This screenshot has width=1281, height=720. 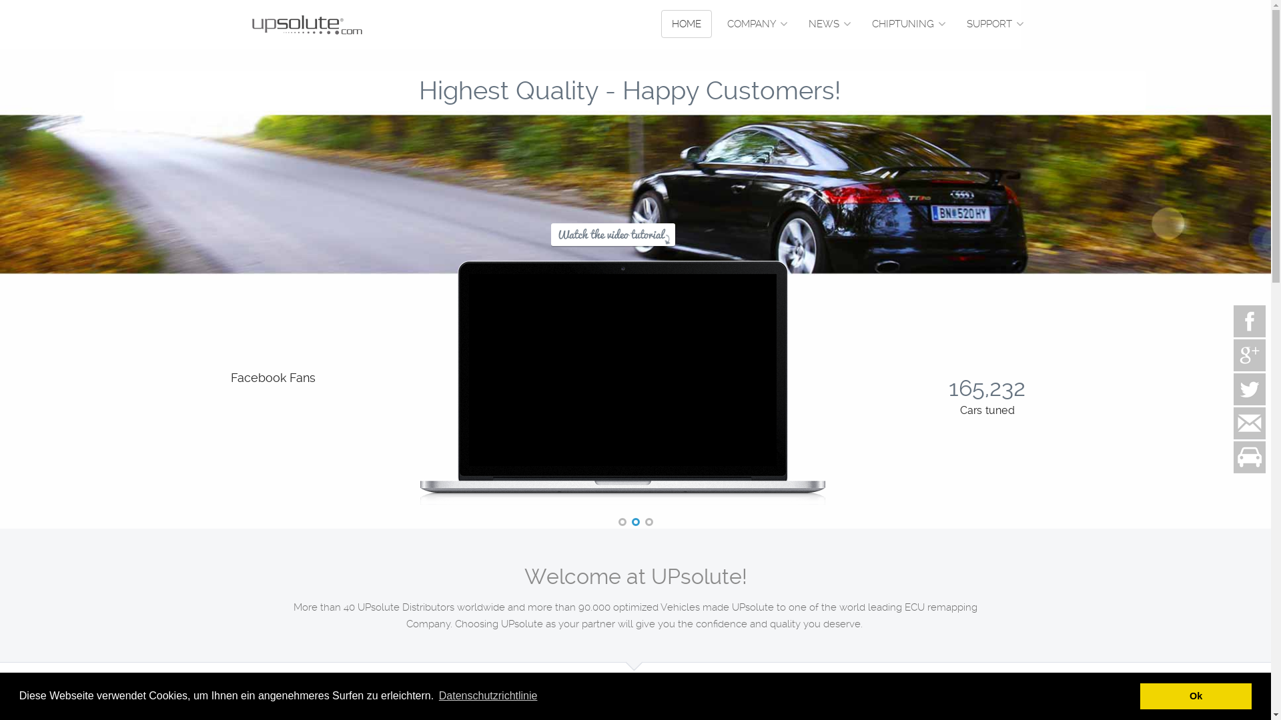 What do you see at coordinates (1196, 695) in the screenshot?
I see `'Ok'` at bounding box center [1196, 695].